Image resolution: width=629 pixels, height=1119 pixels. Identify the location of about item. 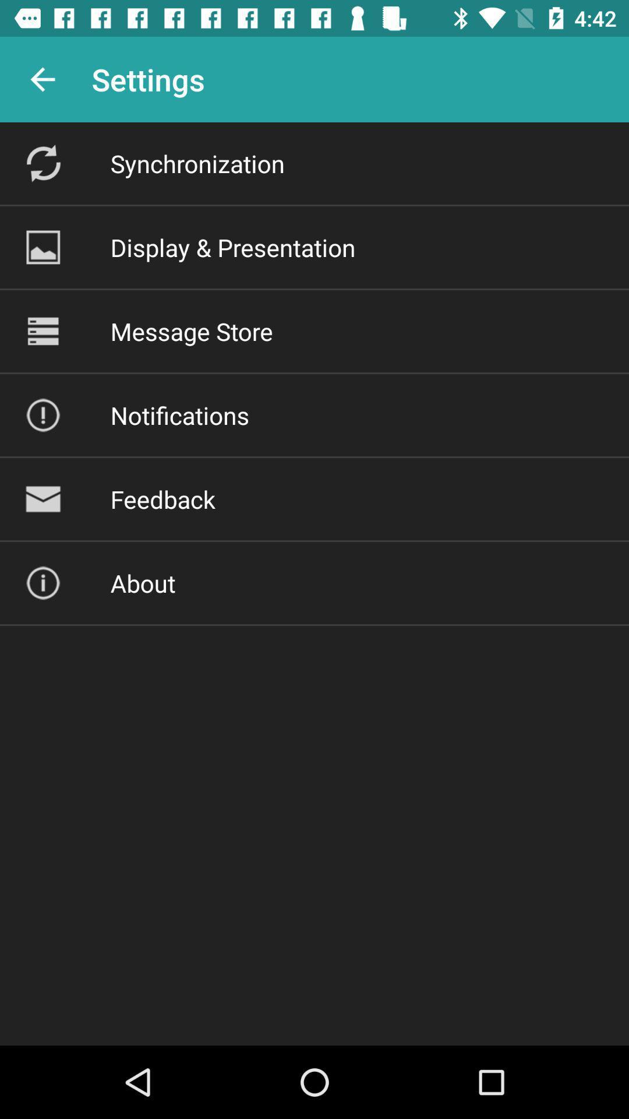
(142, 583).